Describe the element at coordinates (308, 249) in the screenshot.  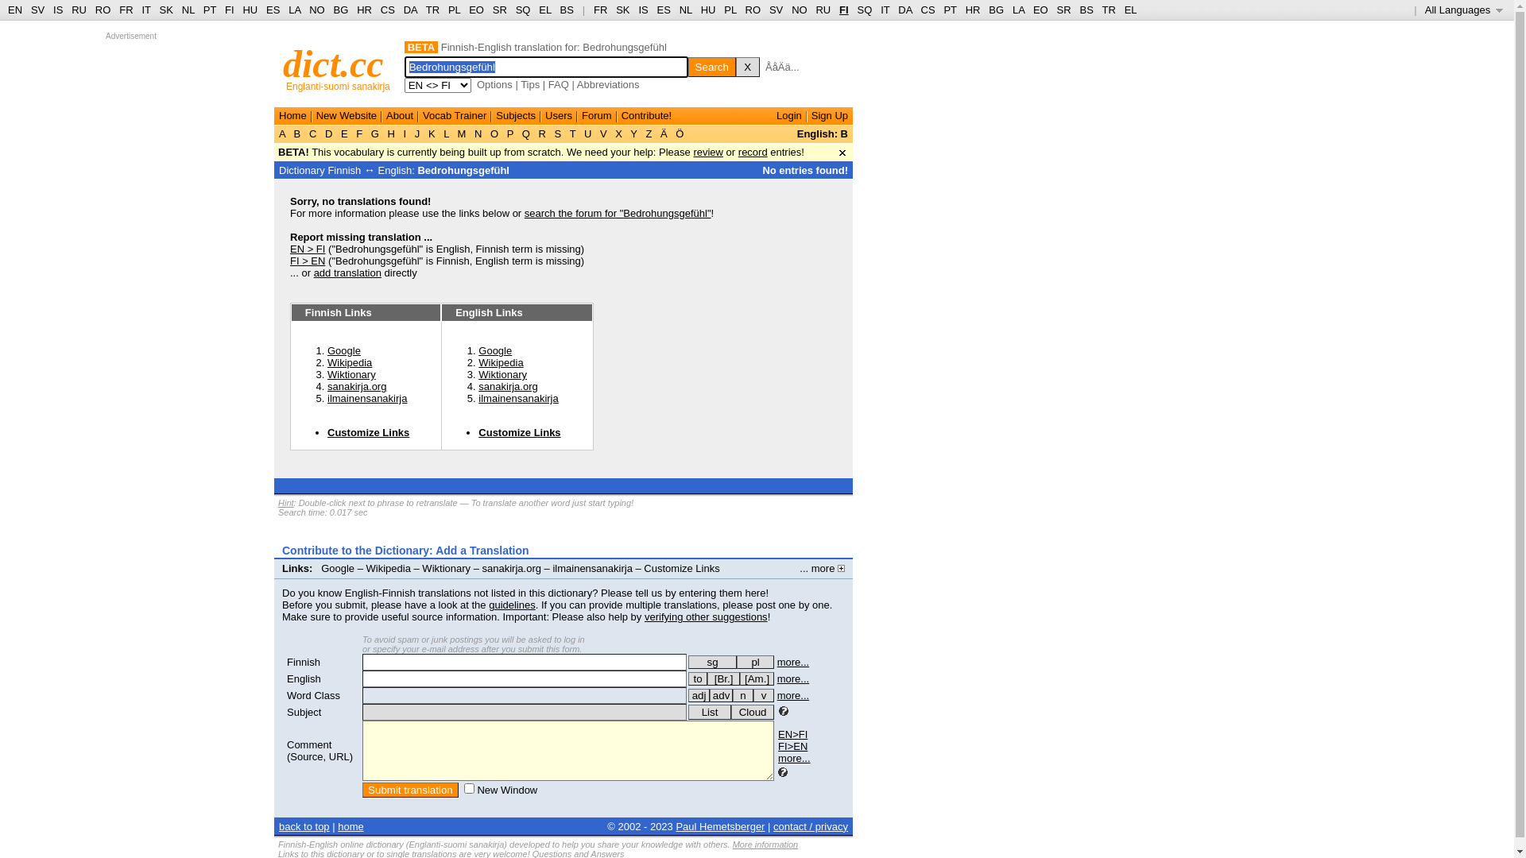
I see `'EN > FI'` at that location.